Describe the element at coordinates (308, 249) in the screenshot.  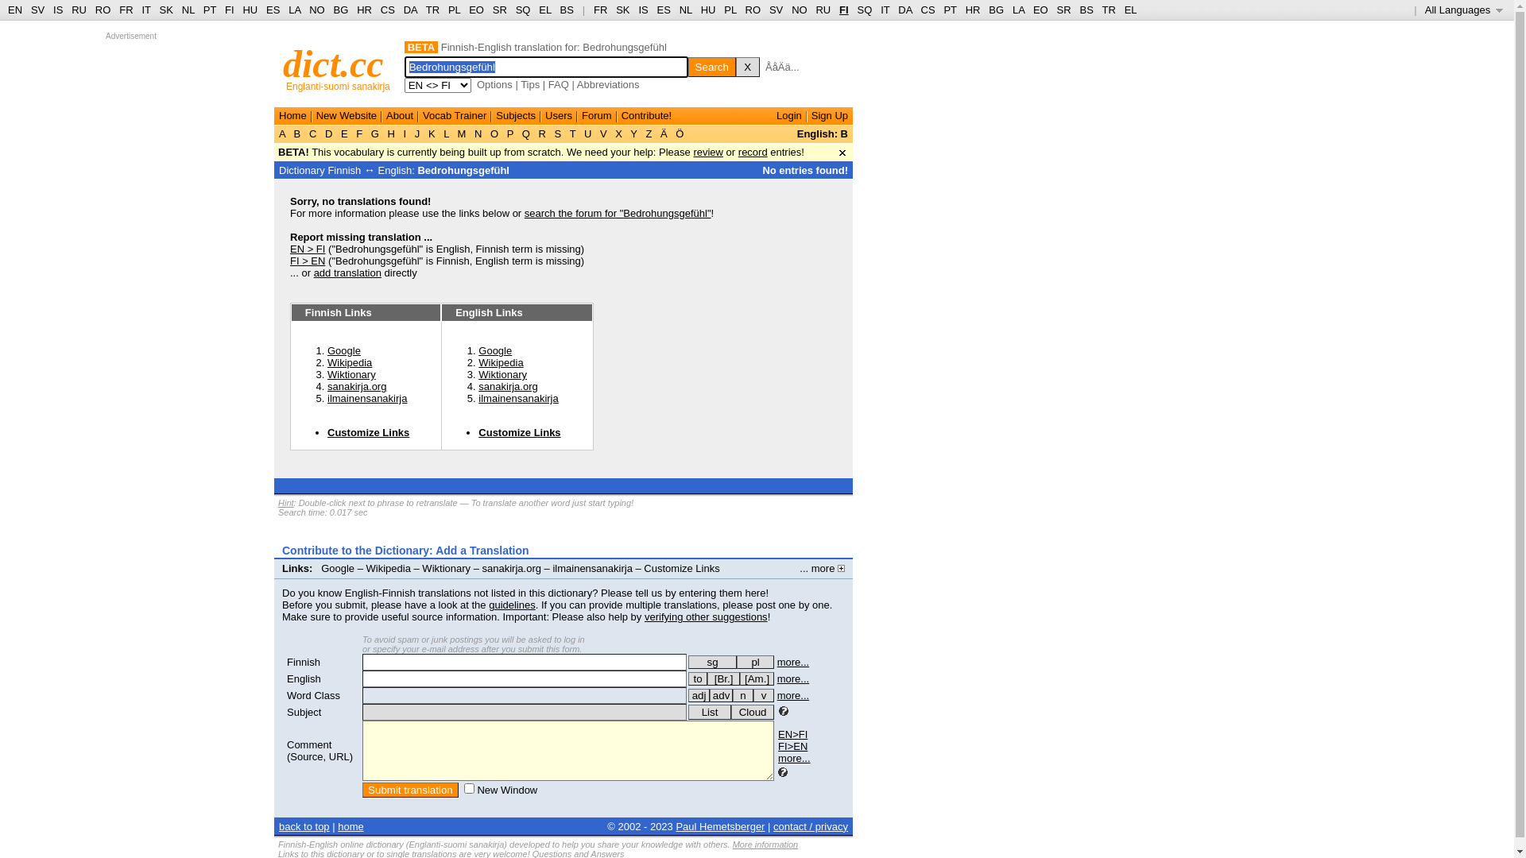
I see `'EN > FI'` at that location.